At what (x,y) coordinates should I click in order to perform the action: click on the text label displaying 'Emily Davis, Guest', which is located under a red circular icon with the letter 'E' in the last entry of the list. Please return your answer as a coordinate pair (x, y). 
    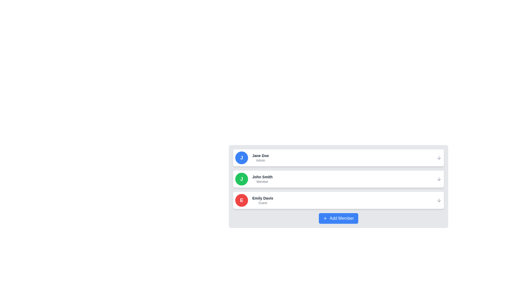
    Looking at the image, I should click on (263, 200).